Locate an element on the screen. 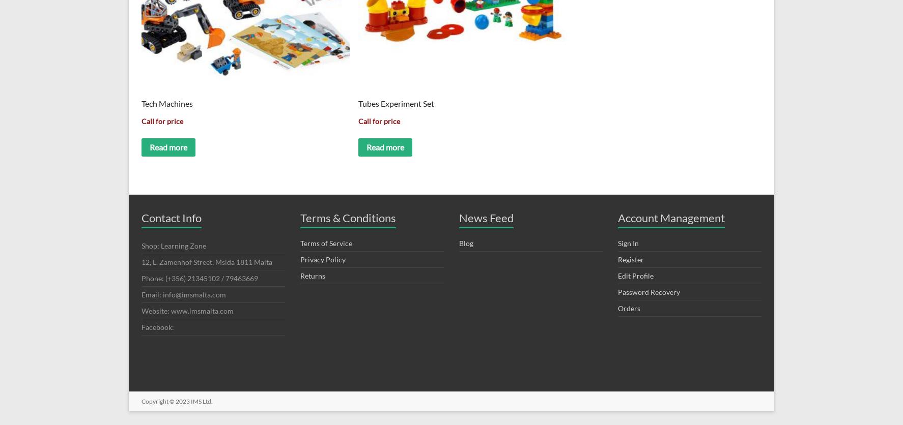 The height and width of the screenshot is (425, 903). 'Orders' is located at coordinates (629, 307).